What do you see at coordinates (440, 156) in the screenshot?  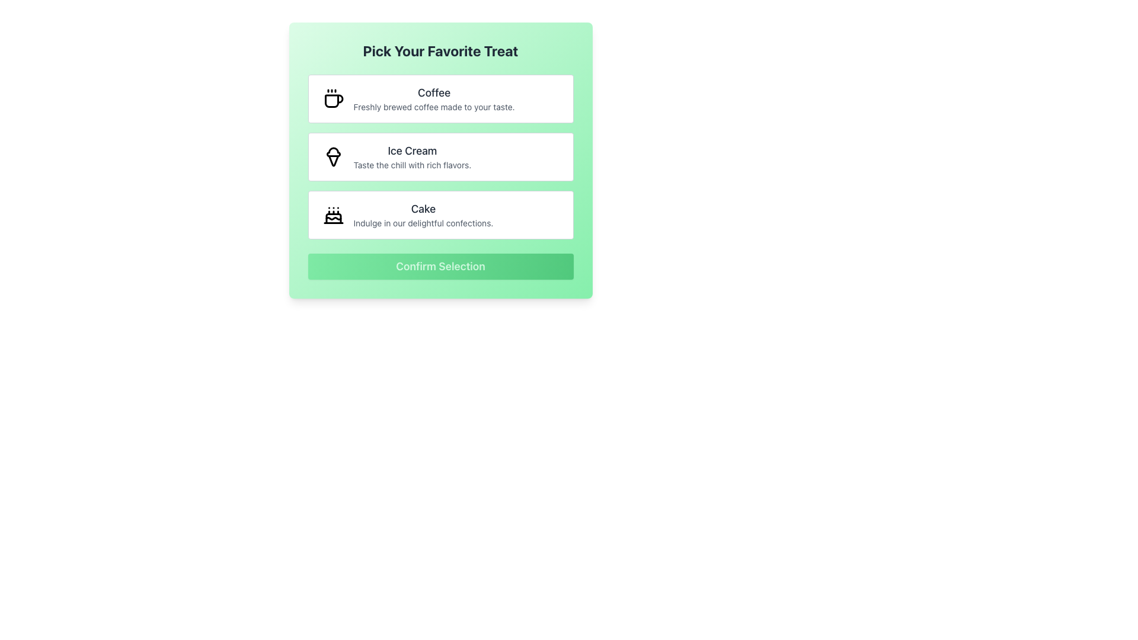 I see `the 'Ice Cream' option in the Selection Panel` at bounding box center [440, 156].